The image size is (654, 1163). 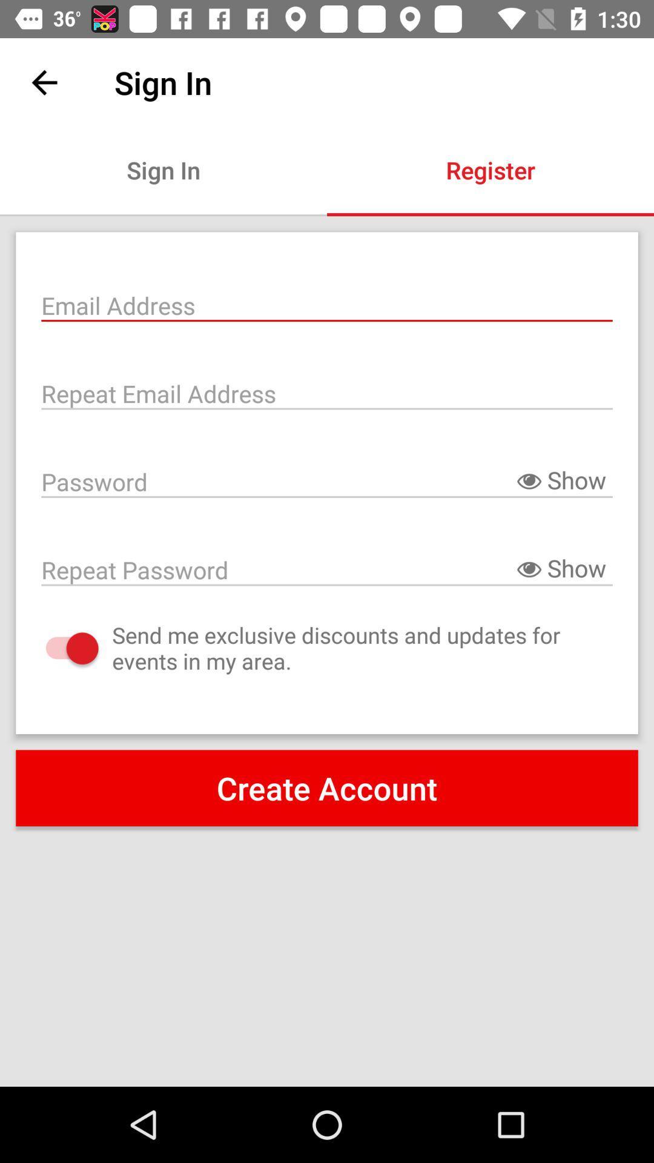 What do you see at coordinates (60, 648) in the screenshot?
I see `on/off button for discounts and events` at bounding box center [60, 648].